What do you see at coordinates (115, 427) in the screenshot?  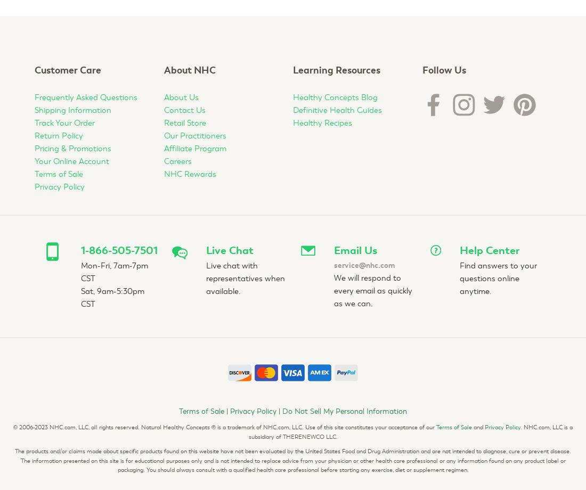 I see `'2006-2023 NHC.com, LLC,
        all rights reserved. Natural Healthy Concepts'` at bounding box center [115, 427].